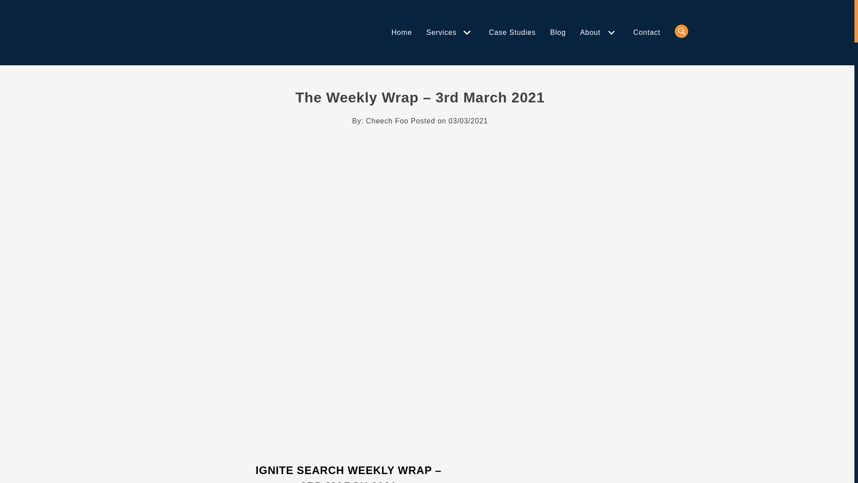  Describe the element at coordinates (549, 32) in the screenshot. I see `'Blog'` at that location.